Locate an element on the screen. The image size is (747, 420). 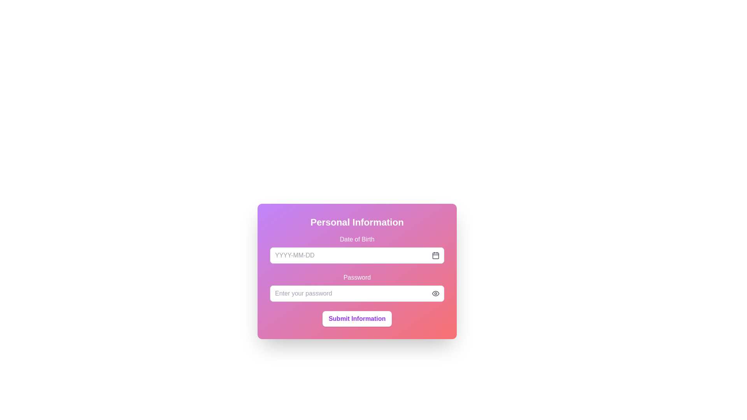
the calendar icon (SVG Icon) located inside the 'Date of Birth' input field at the top of the form is located at coordinates (435, 255).